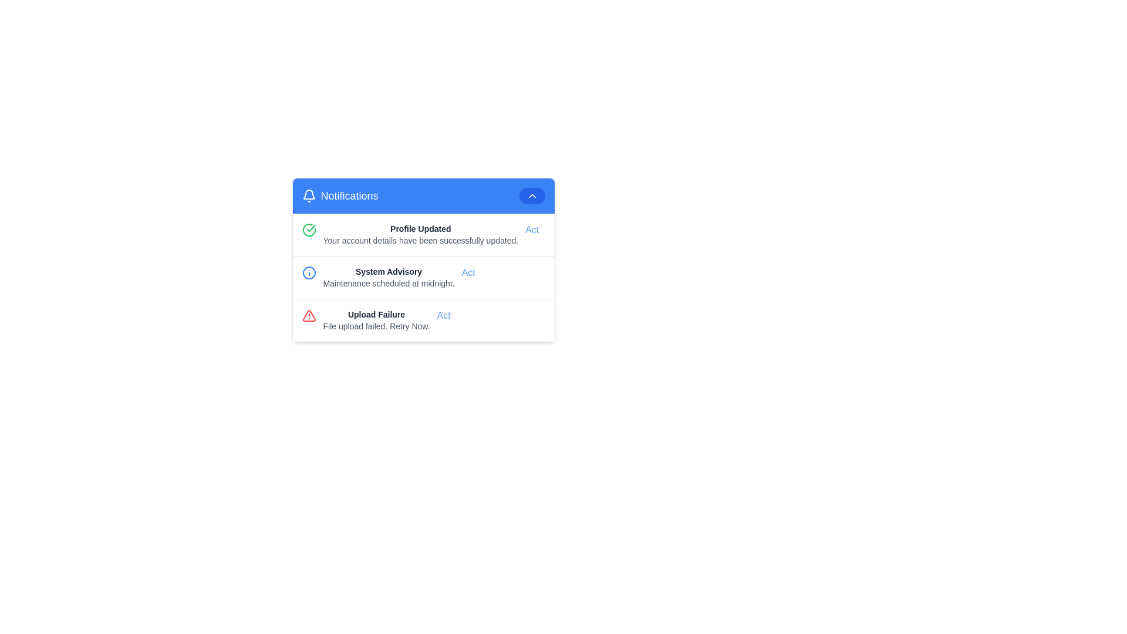 The image size is (1127, 634). What do you see at coordinates (531, 195) in the screenshot?
I see `the toggle button located at the far right of the header section of the notification panel` at bounding box center [531, 195].